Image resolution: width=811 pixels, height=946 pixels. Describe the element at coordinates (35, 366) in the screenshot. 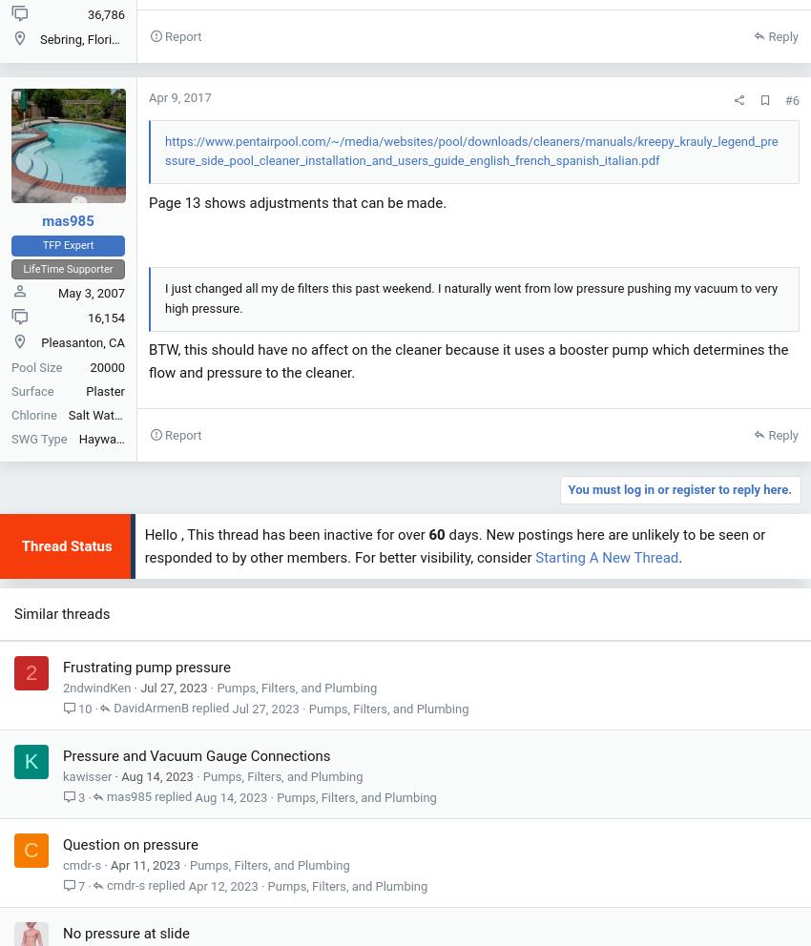

I see `'Pool Size'` at that location.